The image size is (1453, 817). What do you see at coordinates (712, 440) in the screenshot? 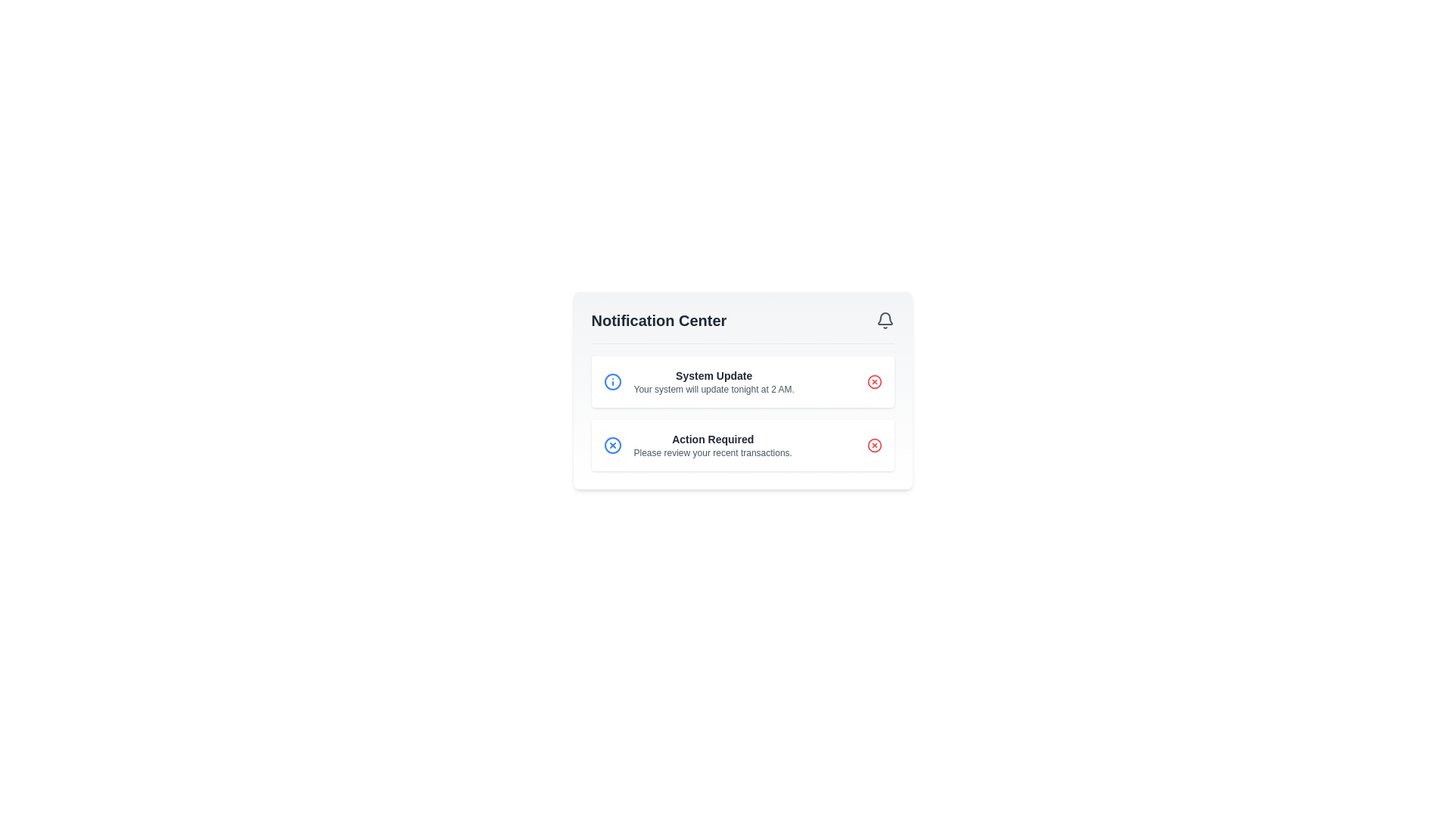
I see `the Text label that serves as the title for the notification in the second row of notifications, located at the top-left corner of its card` at bounding box center [712, 440].